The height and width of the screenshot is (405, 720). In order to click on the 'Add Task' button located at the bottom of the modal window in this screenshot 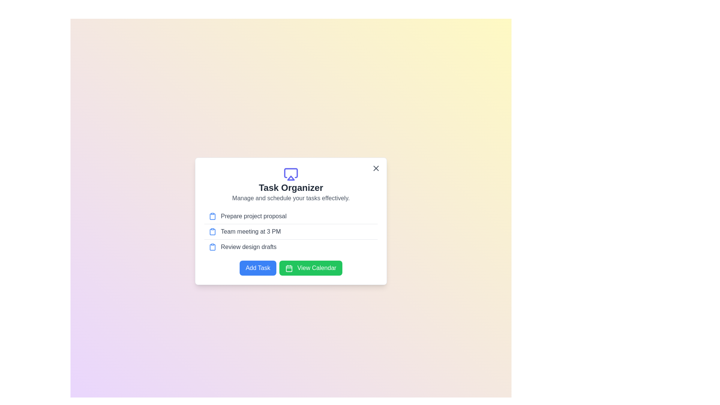, I will do `click(258, 267)`.